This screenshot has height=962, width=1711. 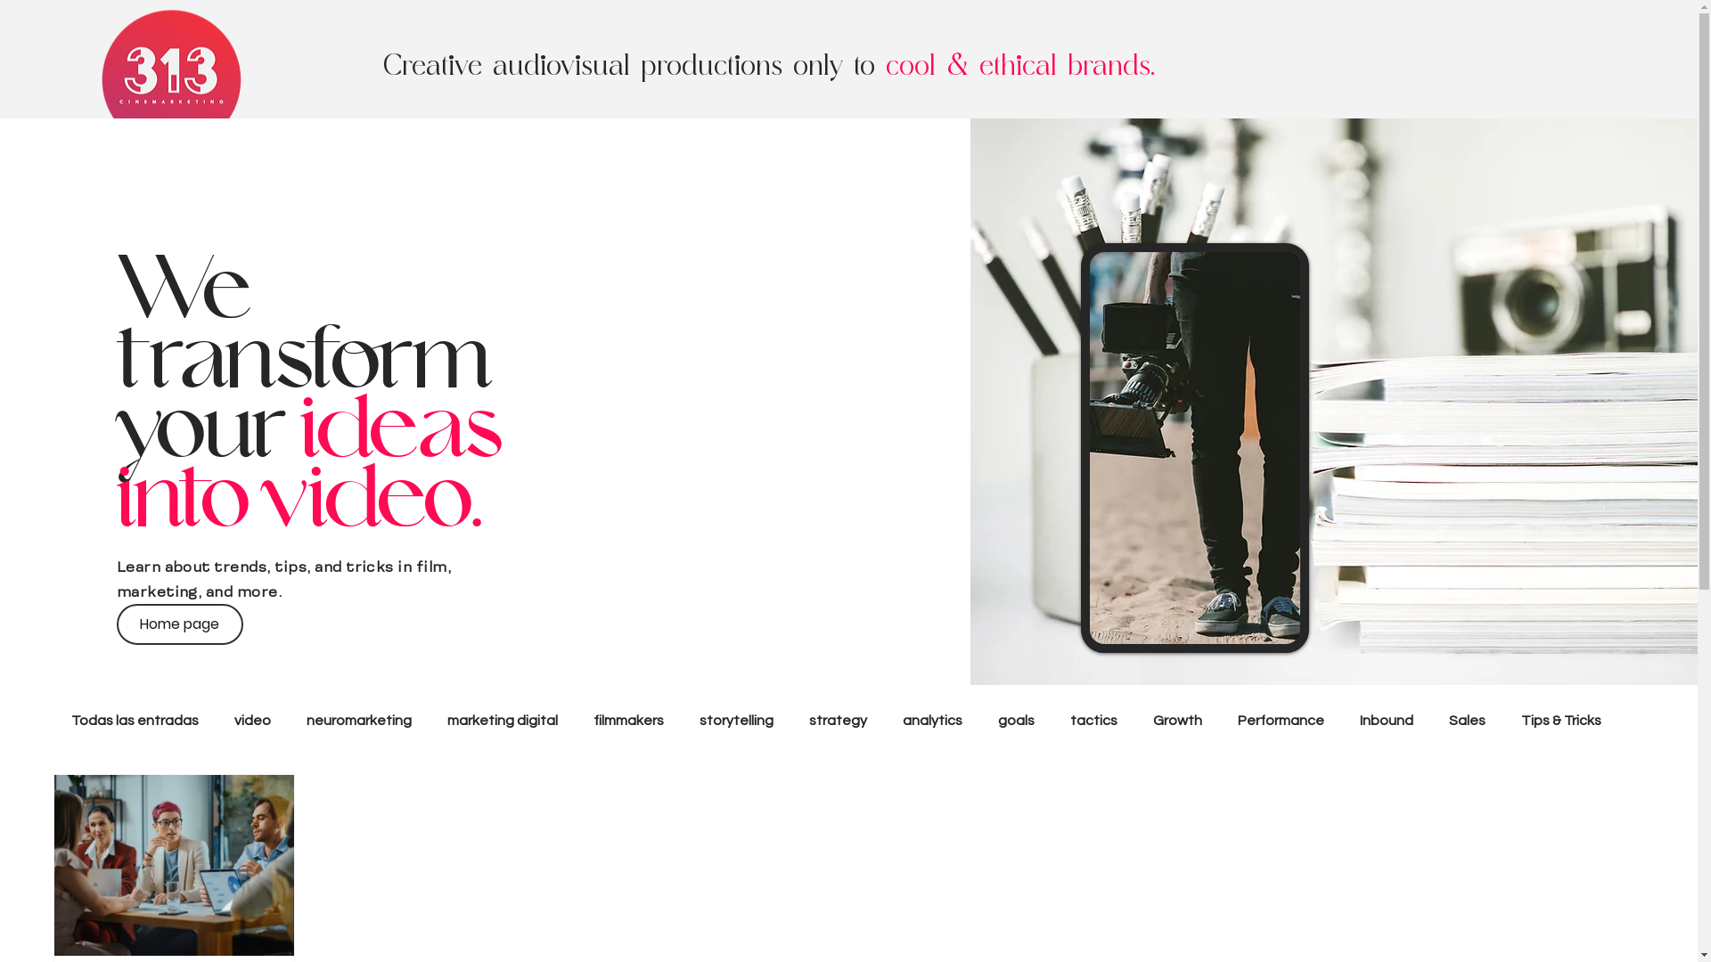 I want to click on 'tactics', so click(x=1093, y=720).